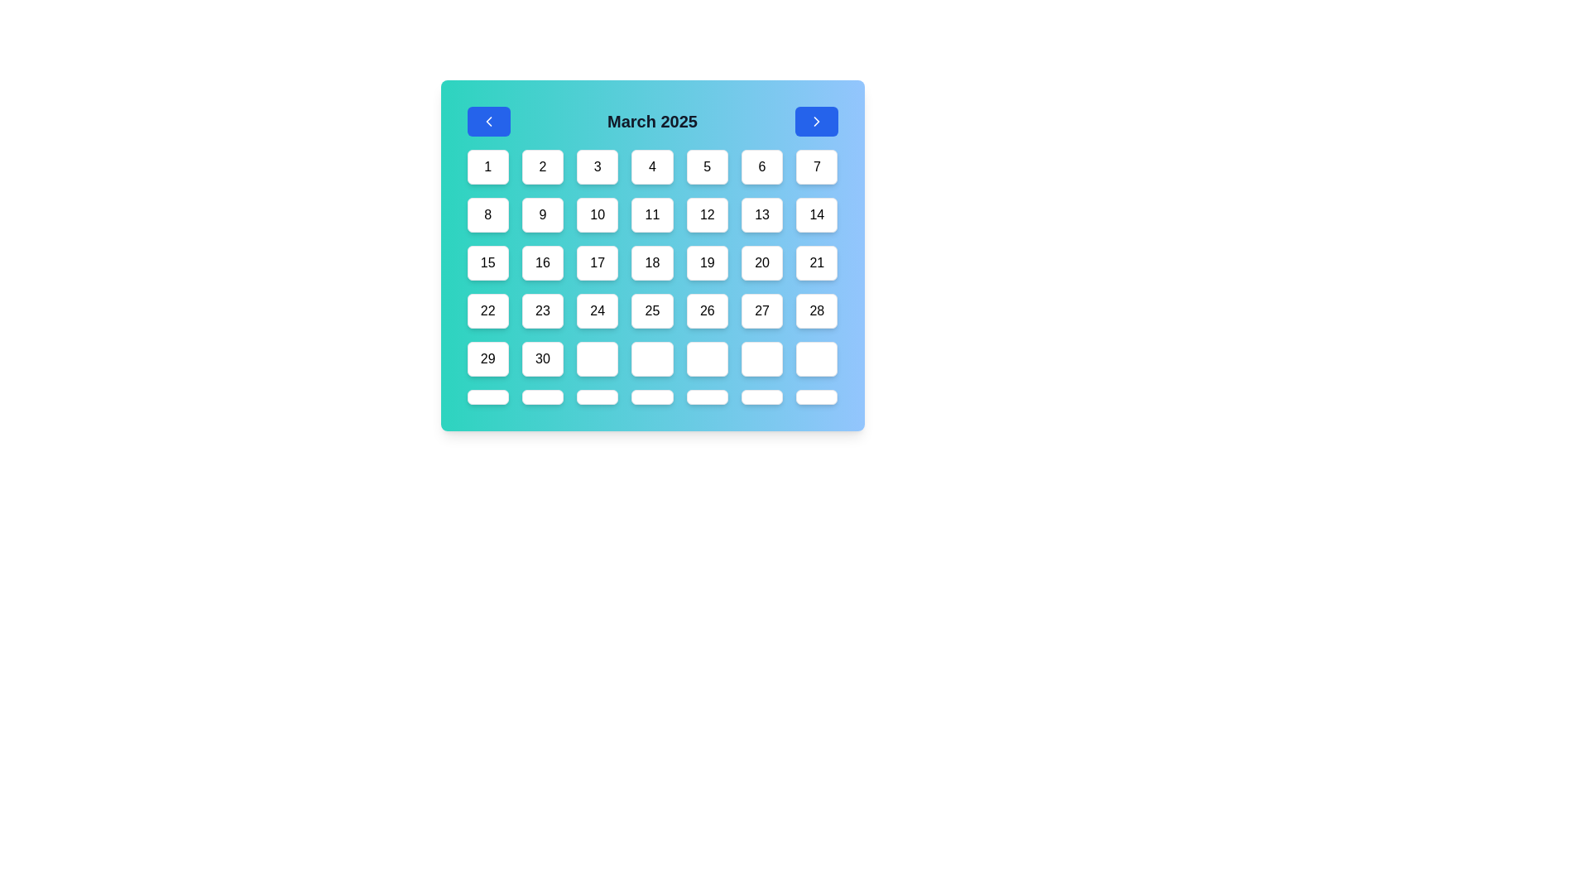 The width and height of the screenshot is (1589, 894). Describe the element at coordinates (651, 166) in the screenshot. I see `the Date element in the calendar grid, which is a square with a white background and rounded corners containing the number '4'` at that location.